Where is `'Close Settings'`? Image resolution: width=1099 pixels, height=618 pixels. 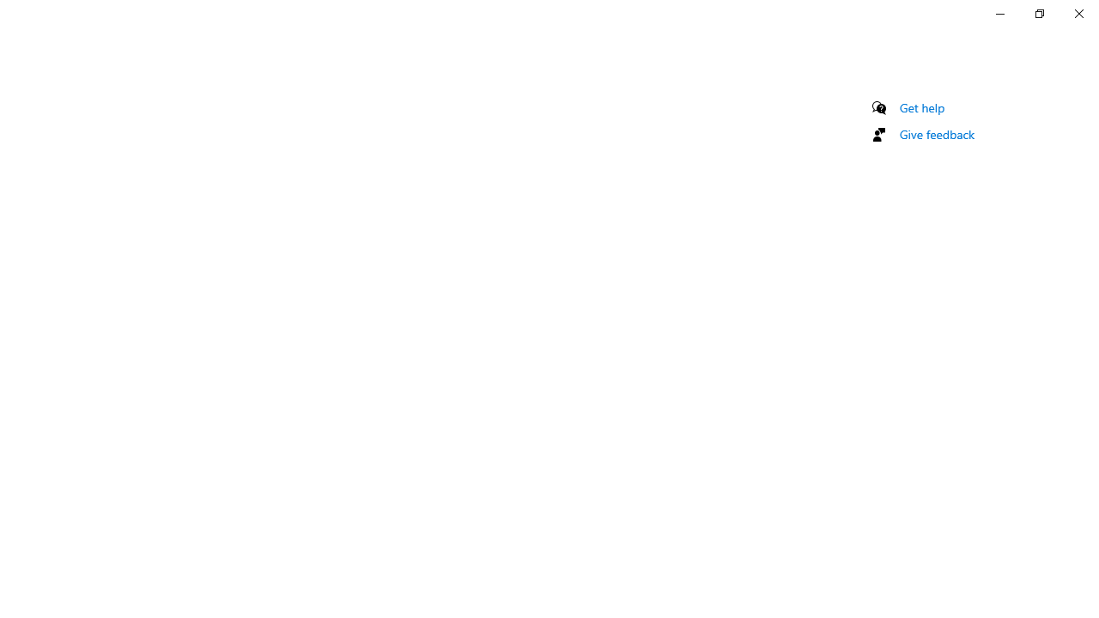 'Close Settings' is located at coordinates (1078, 13).